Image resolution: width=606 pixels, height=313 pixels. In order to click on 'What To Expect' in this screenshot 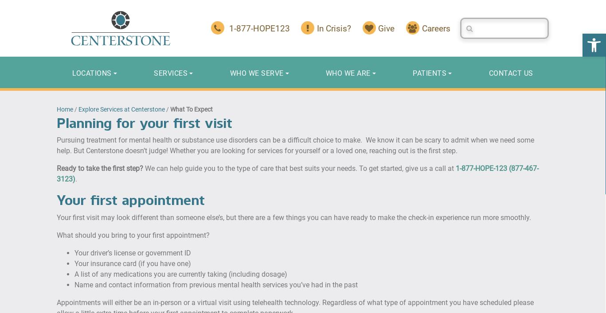, I will do `click(191, 108)`.